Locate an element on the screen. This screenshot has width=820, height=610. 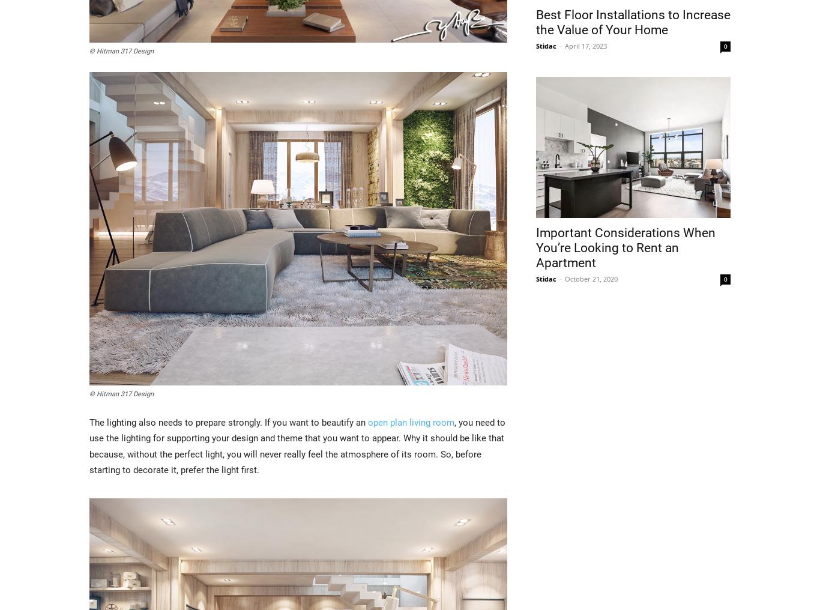
', you need to use the lighting for supporting your design and theme that you want to appear. Why it should be like that because, without the perfect light, you will never really feel the atmosphere of its room. So, before starting to decorate it, prefer the light first.' is located at coordinates (297, 446).